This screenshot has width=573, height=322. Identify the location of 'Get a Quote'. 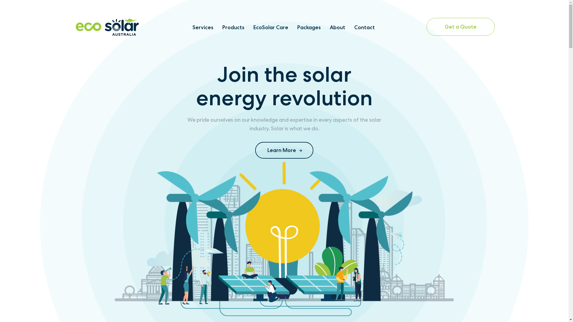
(460, 26).